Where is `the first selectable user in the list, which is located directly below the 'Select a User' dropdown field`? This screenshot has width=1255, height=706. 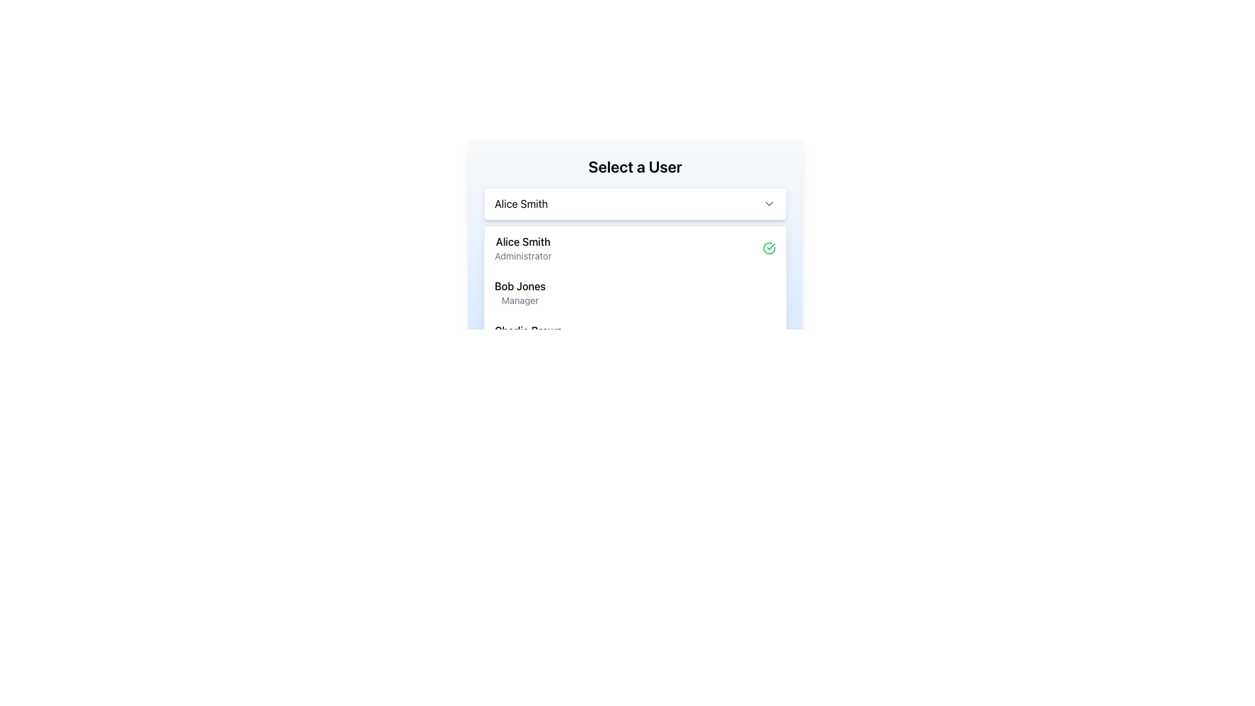 the first selectable user in the list, which is located directly below the 'Select a User' dropdown field is located at coordinates (635, 248).